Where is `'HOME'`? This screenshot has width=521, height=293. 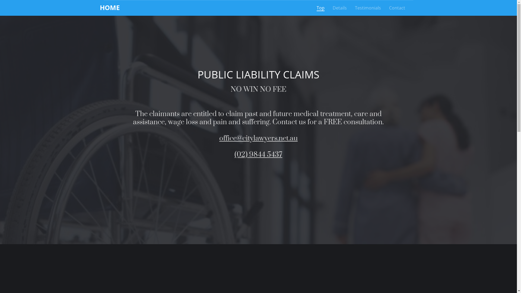 'HOME' is located at coordinates (100, 7).